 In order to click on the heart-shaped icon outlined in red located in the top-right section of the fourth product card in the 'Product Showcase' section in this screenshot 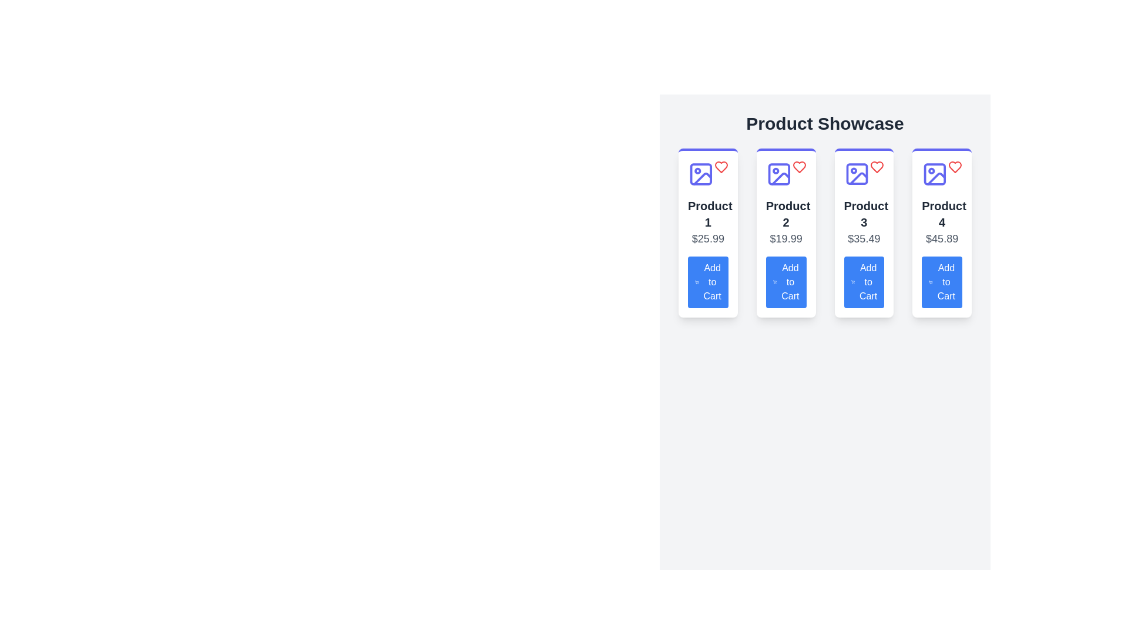, I will do `click(955, 167)`.